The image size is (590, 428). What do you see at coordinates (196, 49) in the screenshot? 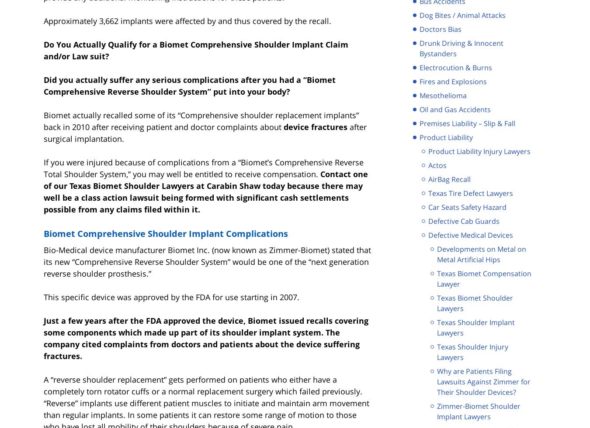
I see `'Do You Actually Qualify for a Biomet Comprehensive Shoulder Implant Claim and/or Law suit?'` at bounding box center [196, 49].